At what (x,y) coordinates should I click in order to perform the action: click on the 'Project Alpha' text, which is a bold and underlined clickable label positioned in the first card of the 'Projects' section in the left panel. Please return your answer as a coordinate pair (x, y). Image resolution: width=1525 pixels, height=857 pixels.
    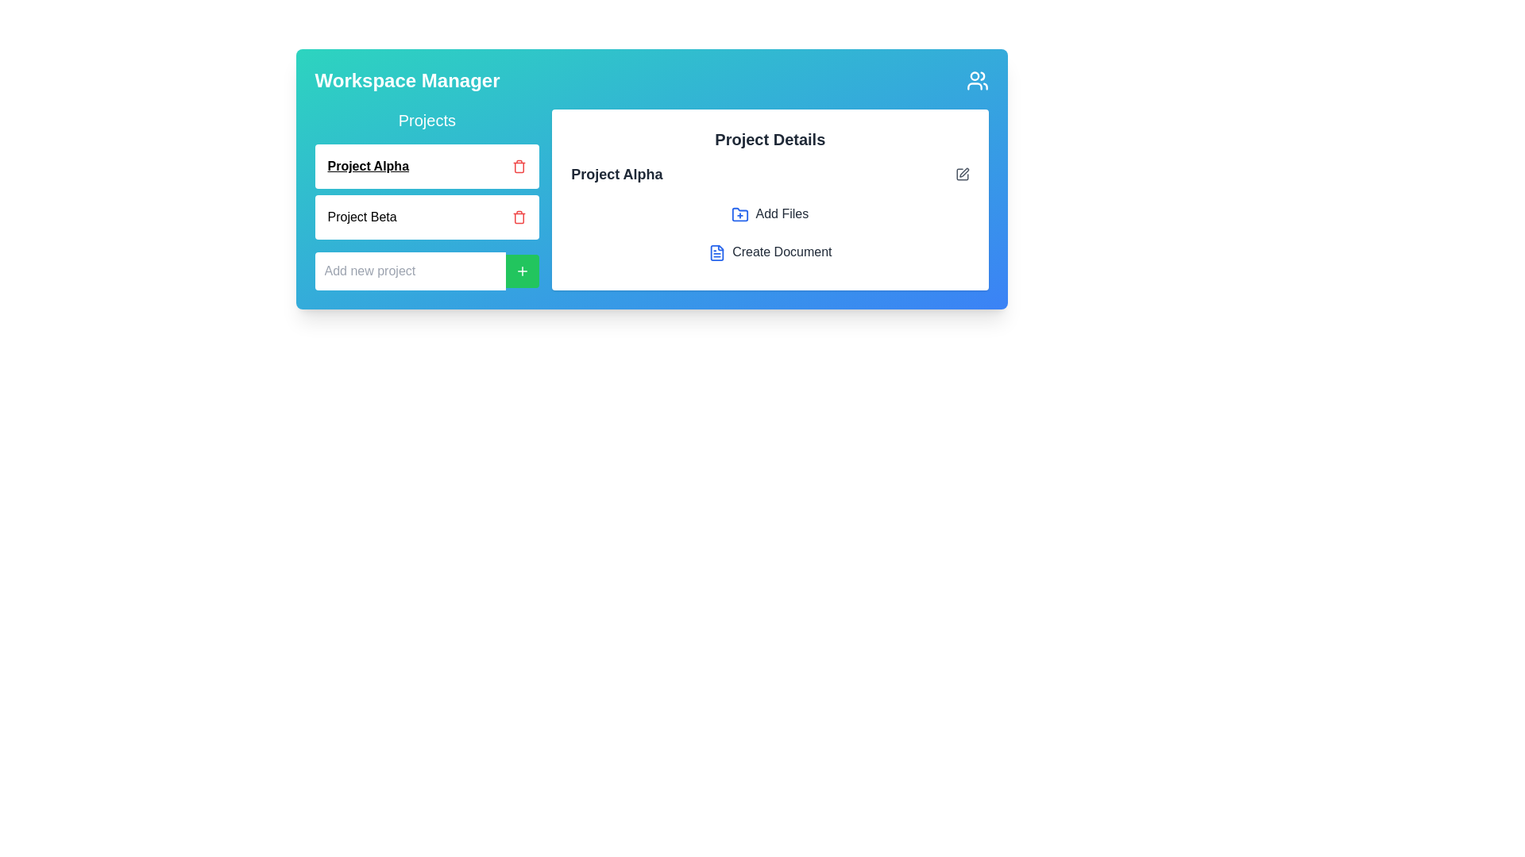
    Looking at the image, I should click on (367, 166).